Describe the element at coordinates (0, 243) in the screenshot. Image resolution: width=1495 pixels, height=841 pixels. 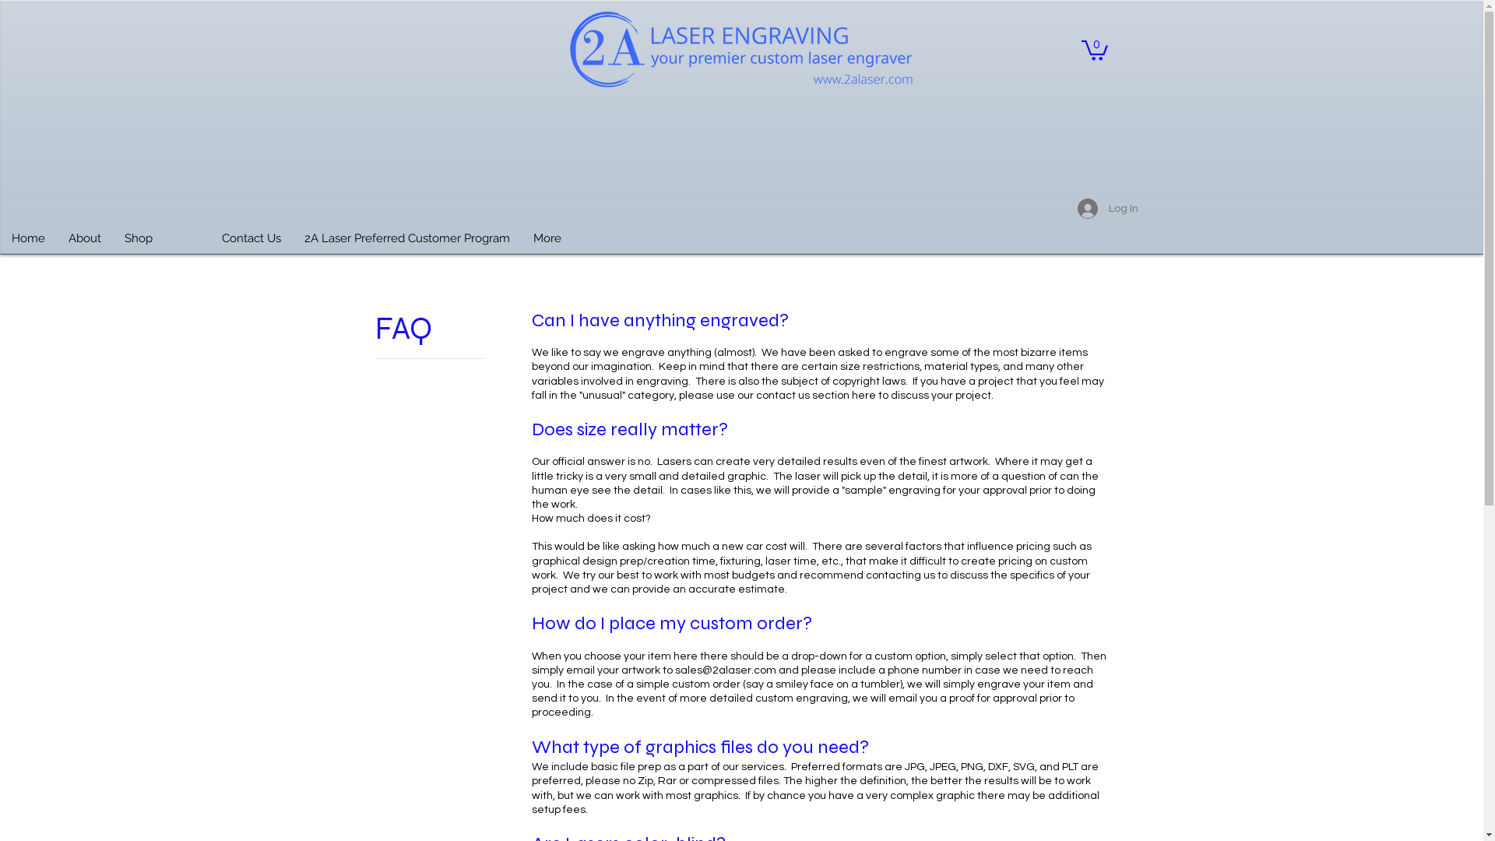
I see `'Home'` at that location.